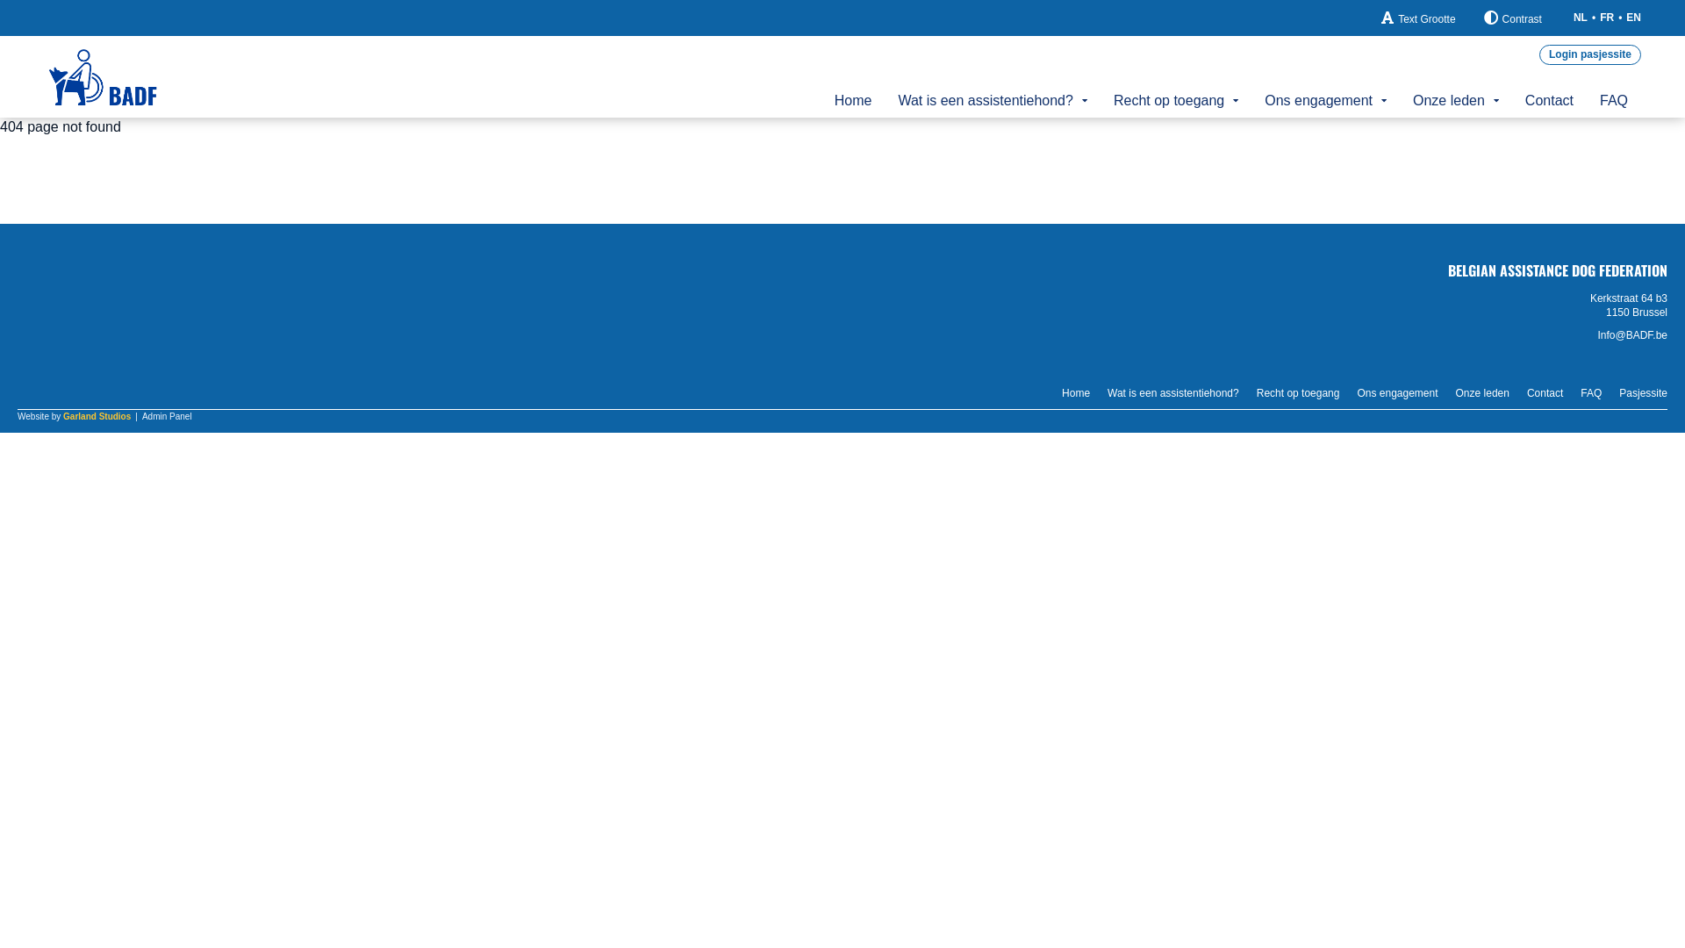 The height and width of the screenshot is (948, 1685). Describe the element at coordinates (1396, 391) in the screenshot. I see `'Ons engagement'` at that location.